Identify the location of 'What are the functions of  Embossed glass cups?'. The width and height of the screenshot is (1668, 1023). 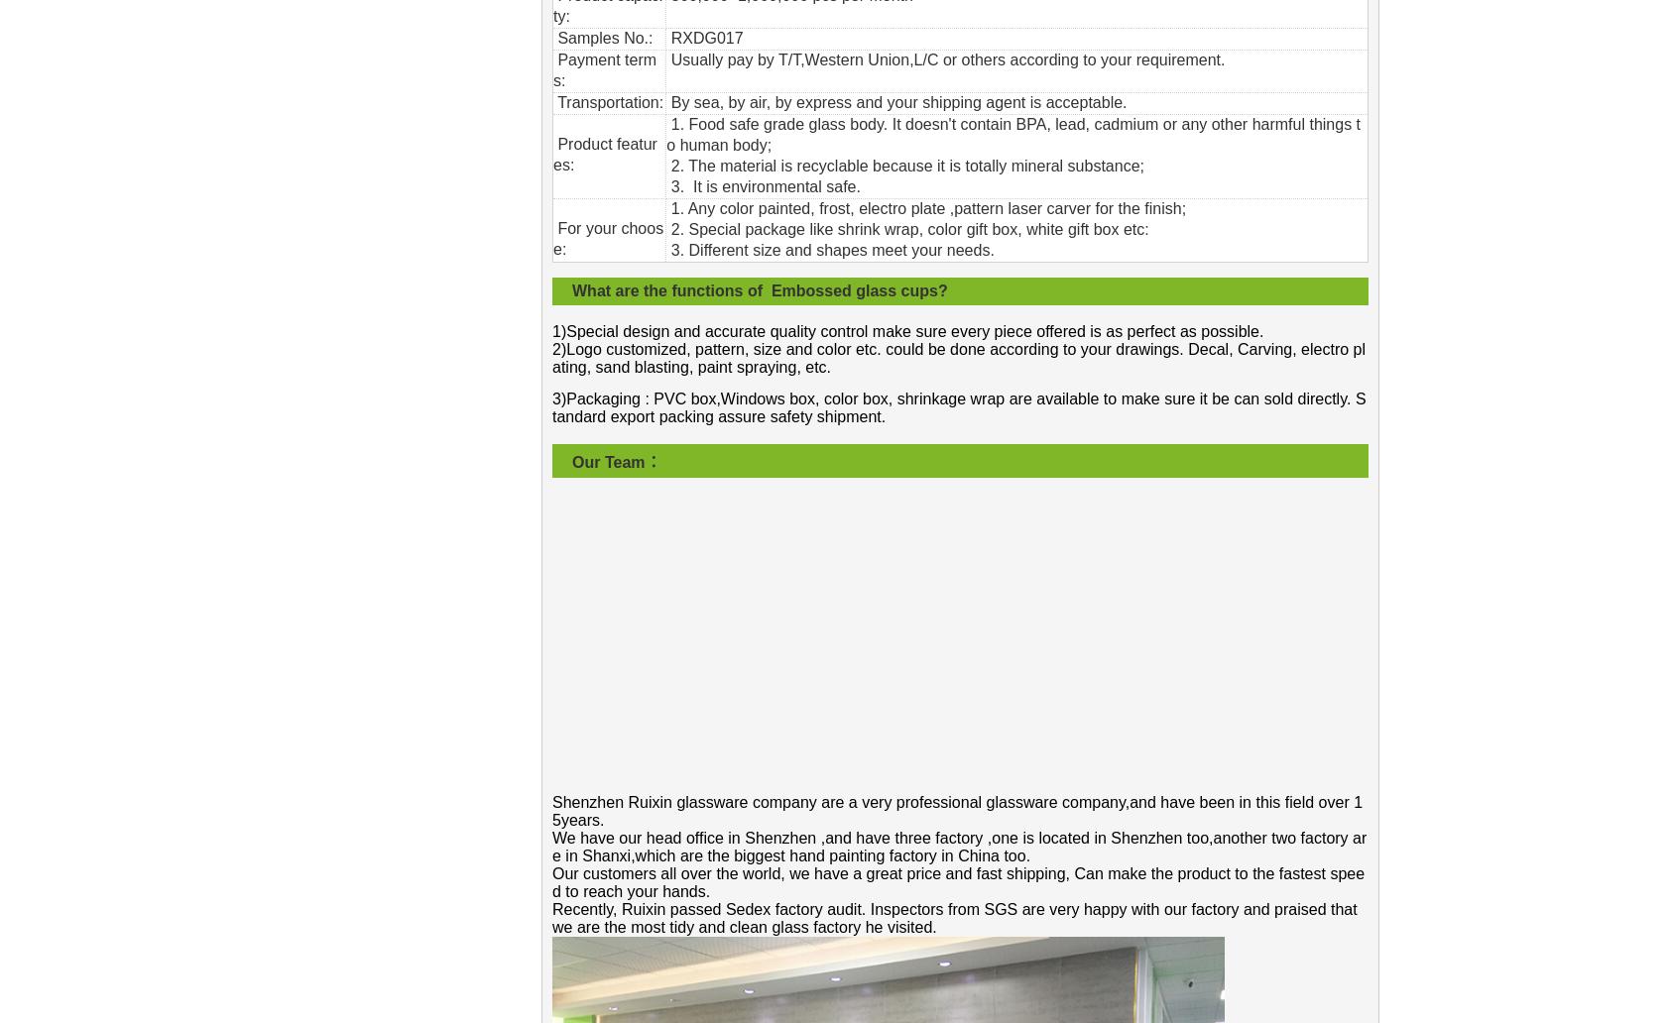
(759, 290).